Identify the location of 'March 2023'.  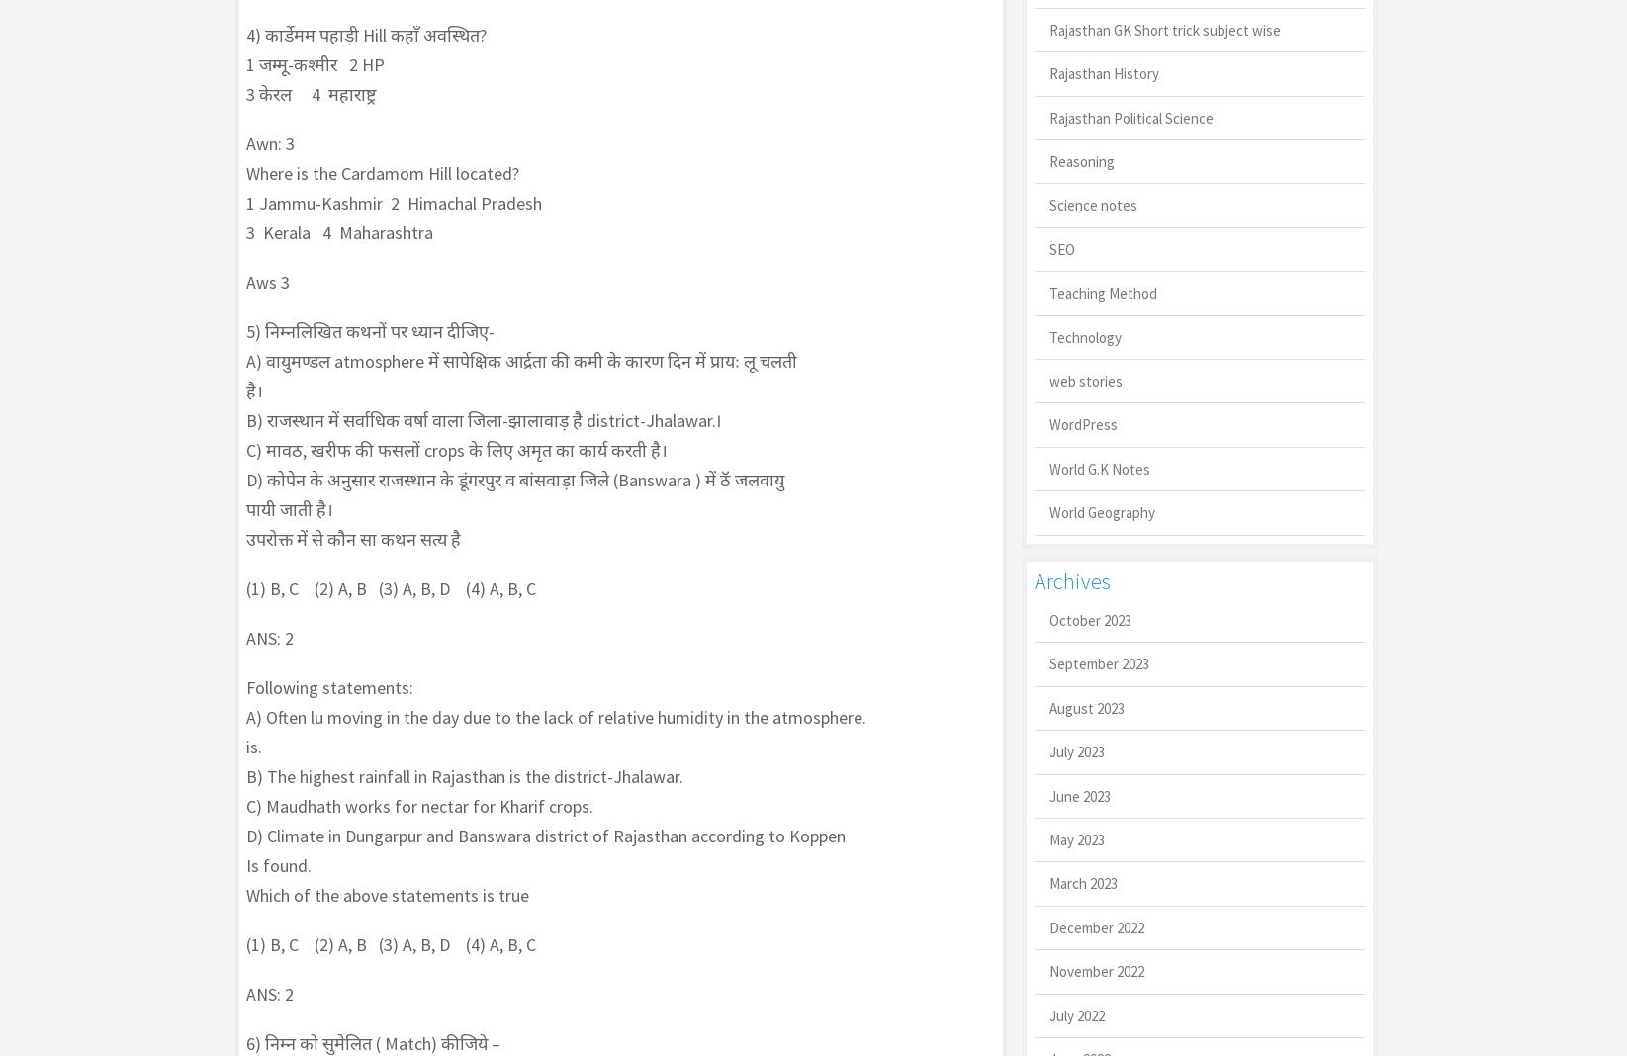
(1081, 882).